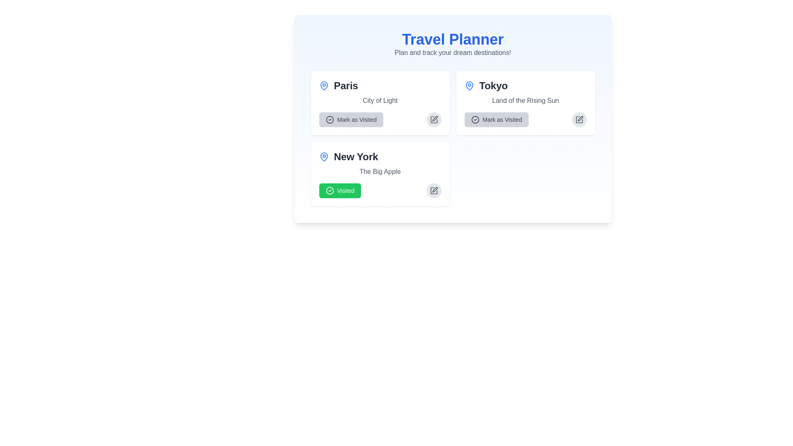  I want to click on text 'Visited' on the green rectangular button with rounded edges located at the bottom-left corner of the 'New York' card, so click(346, 191).